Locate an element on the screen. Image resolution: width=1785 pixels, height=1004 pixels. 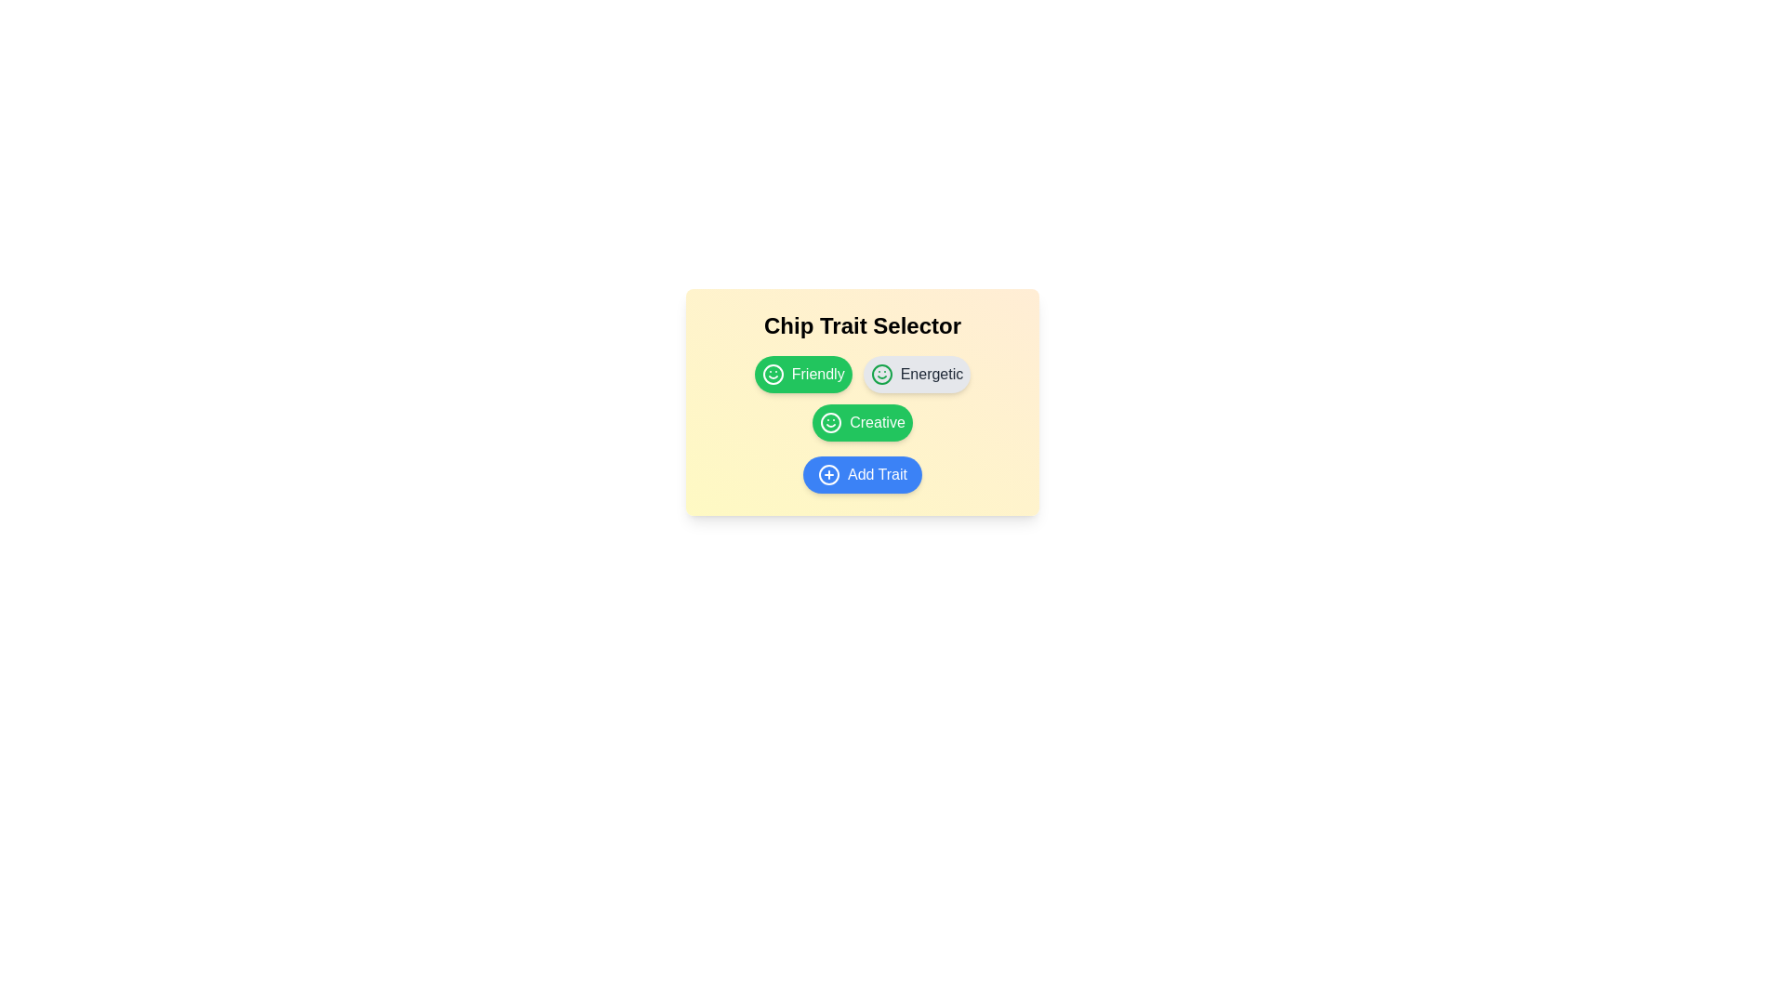
the chip labeled Energetic to toggle its selection state is located at coordinates (917, 374).